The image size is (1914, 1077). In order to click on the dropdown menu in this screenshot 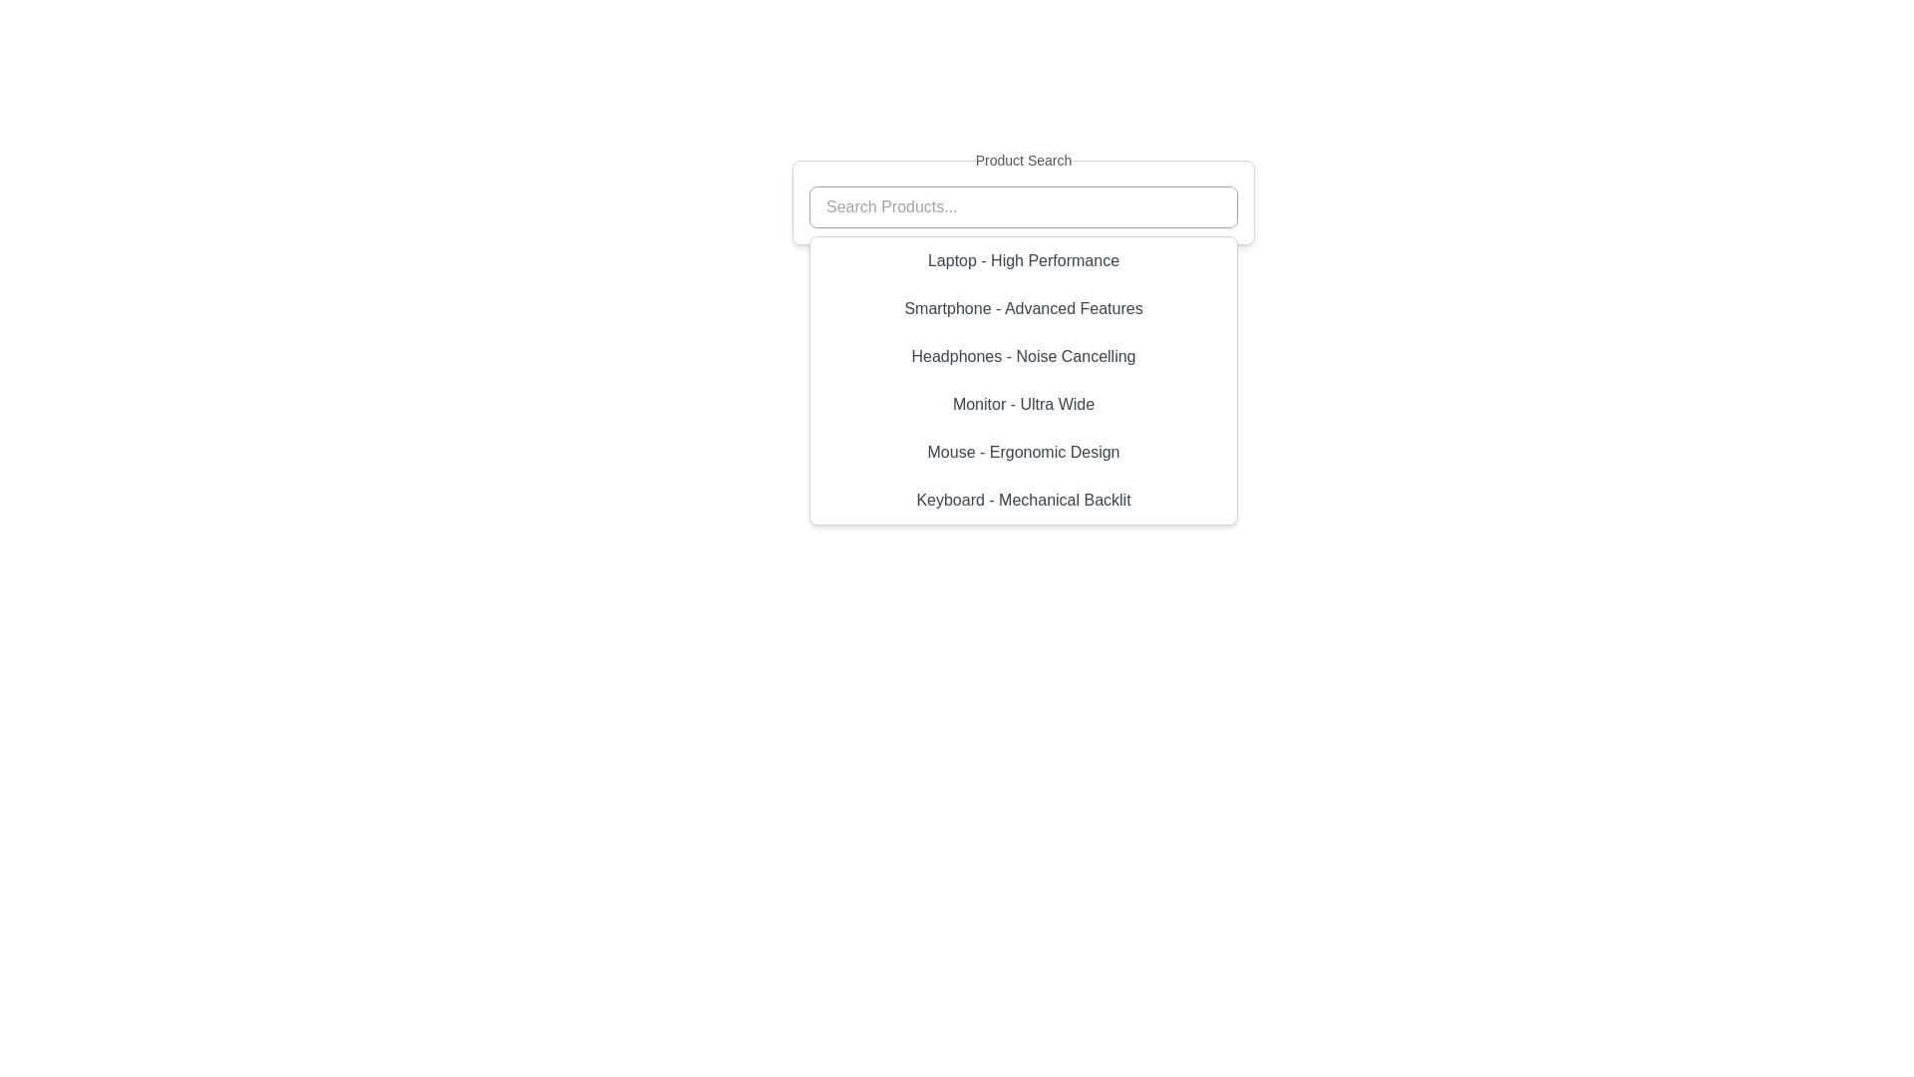, I will do `click(1024, 380)`.